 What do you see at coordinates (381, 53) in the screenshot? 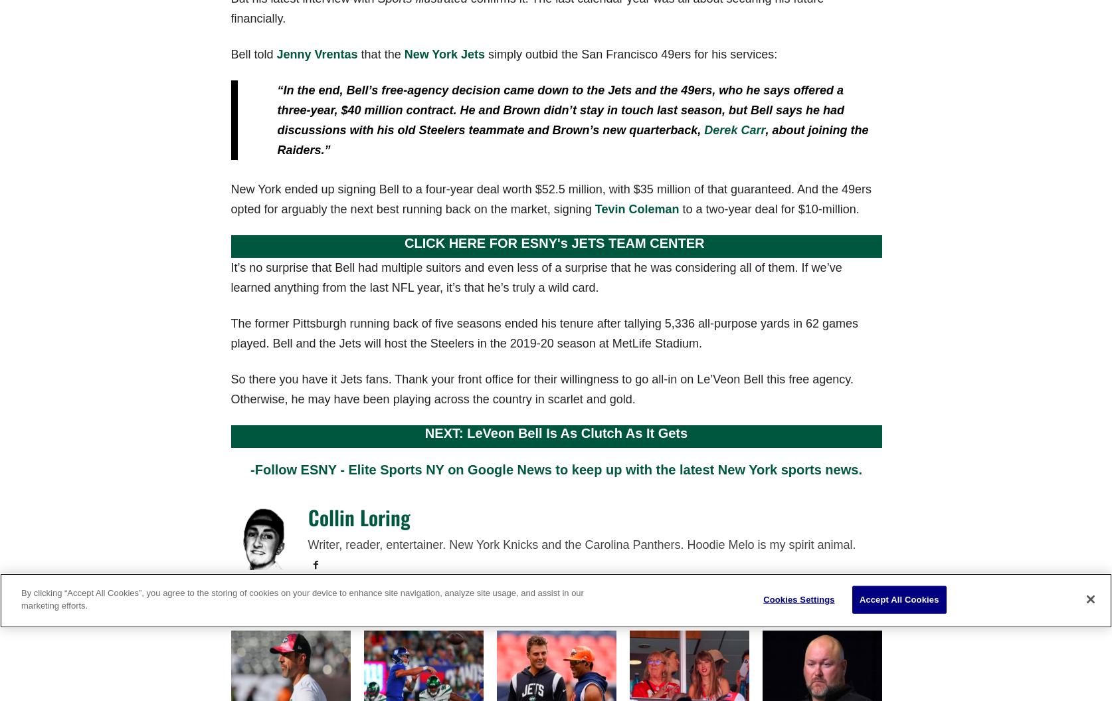
I see `'that the'` at bounding box center [381, 53].